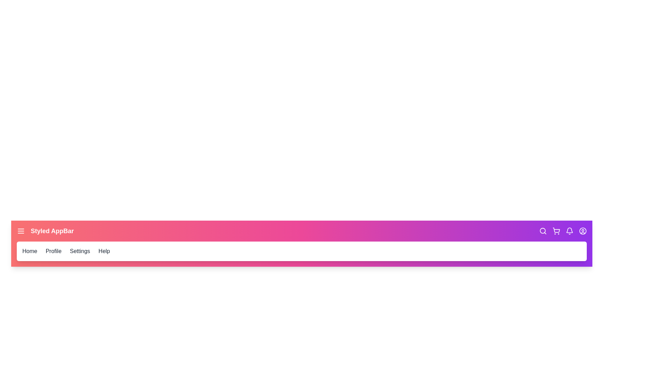  What do you see at coordinates (543, 231) in the screenshot?
I see `the 'Search' icon to initiate a search` at bounding box center [543, 231].